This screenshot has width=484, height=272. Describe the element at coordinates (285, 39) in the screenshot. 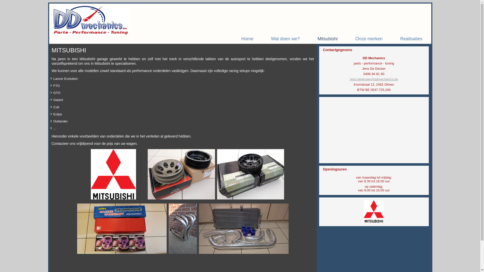

I see `'Wat doen we?'` at that location.